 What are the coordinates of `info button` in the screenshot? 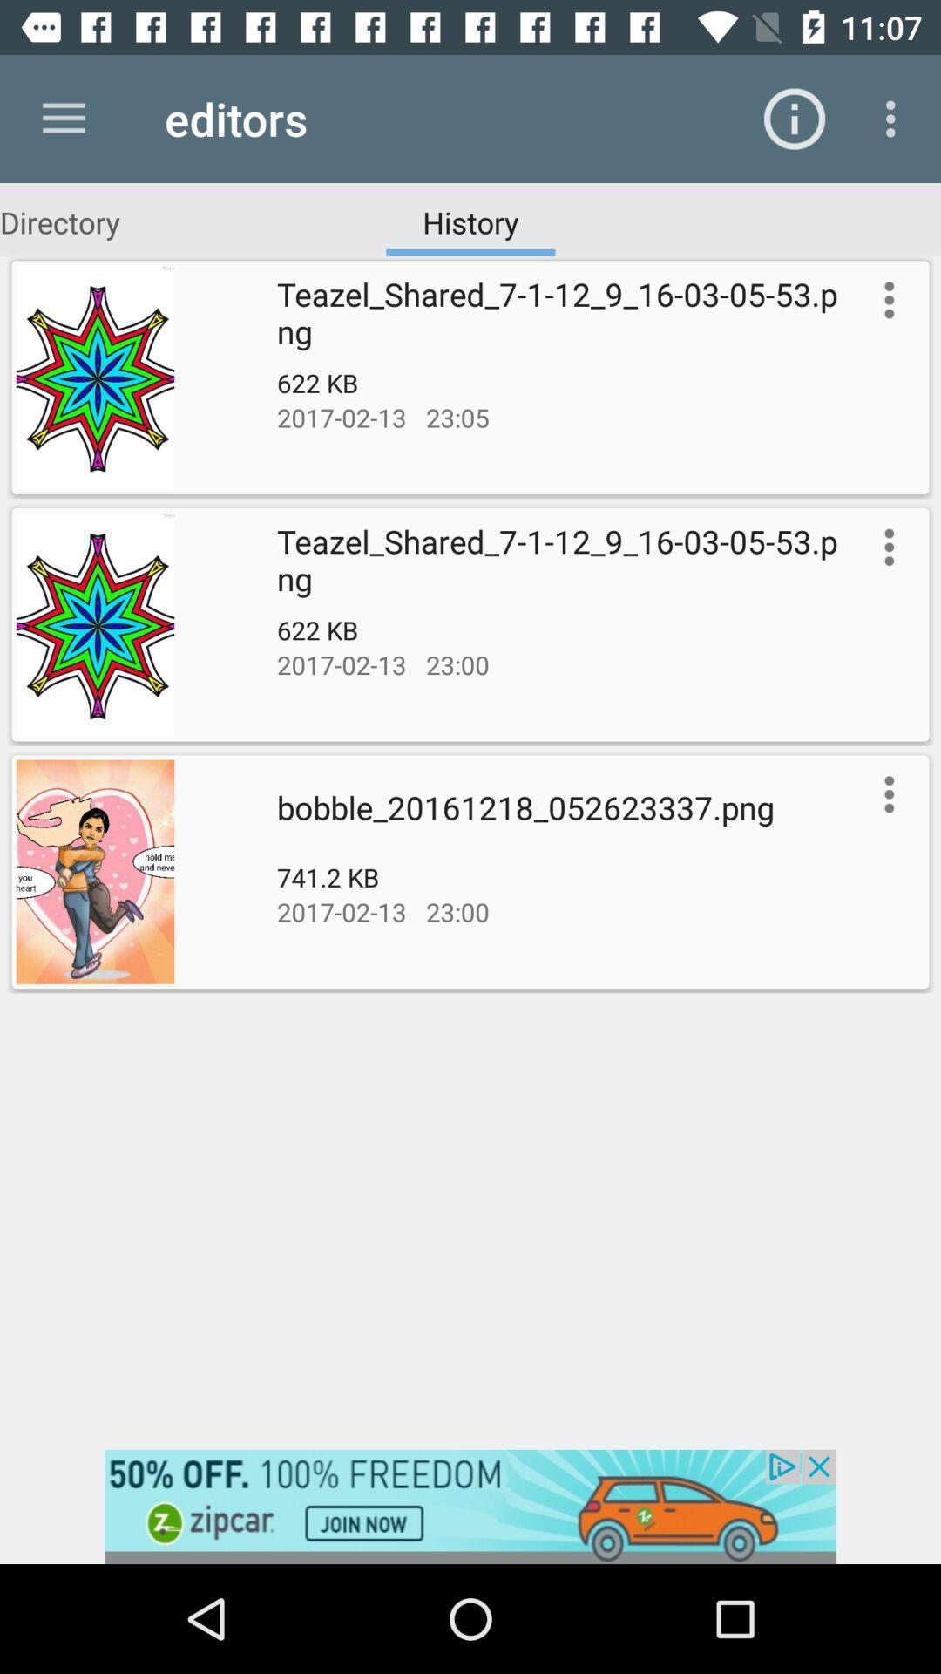 It's located at (885, 546).